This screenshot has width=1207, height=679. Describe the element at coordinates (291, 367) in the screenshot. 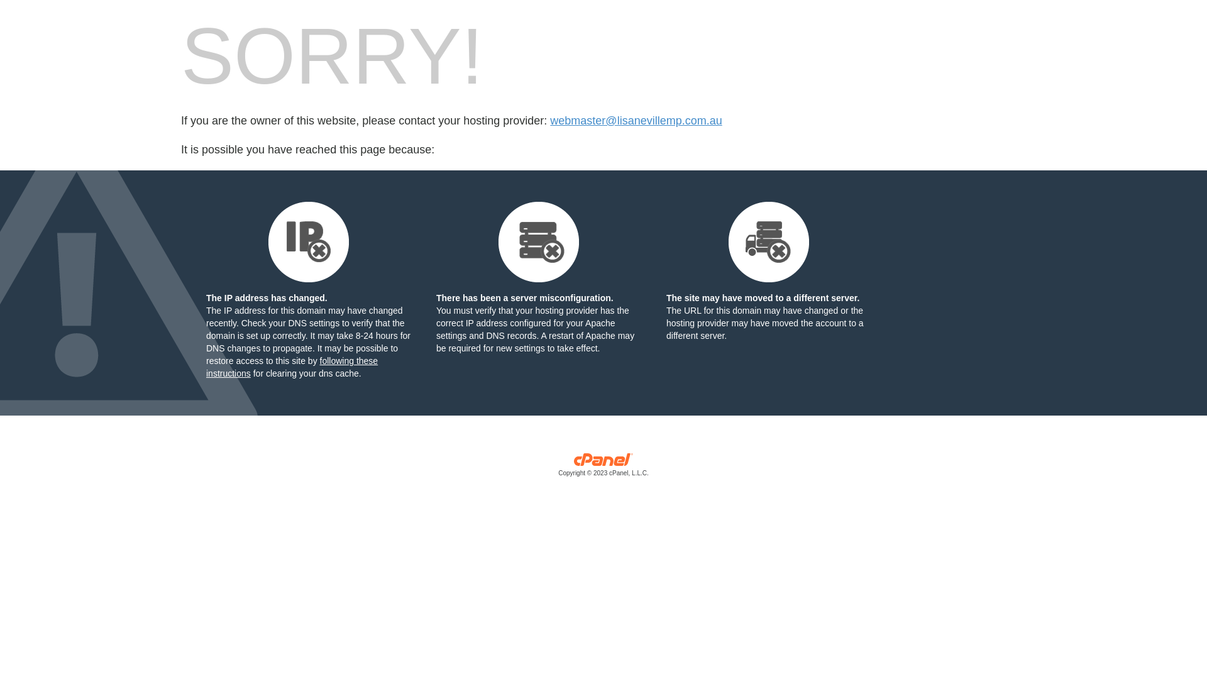

I see `'following these instructions'` at that location.